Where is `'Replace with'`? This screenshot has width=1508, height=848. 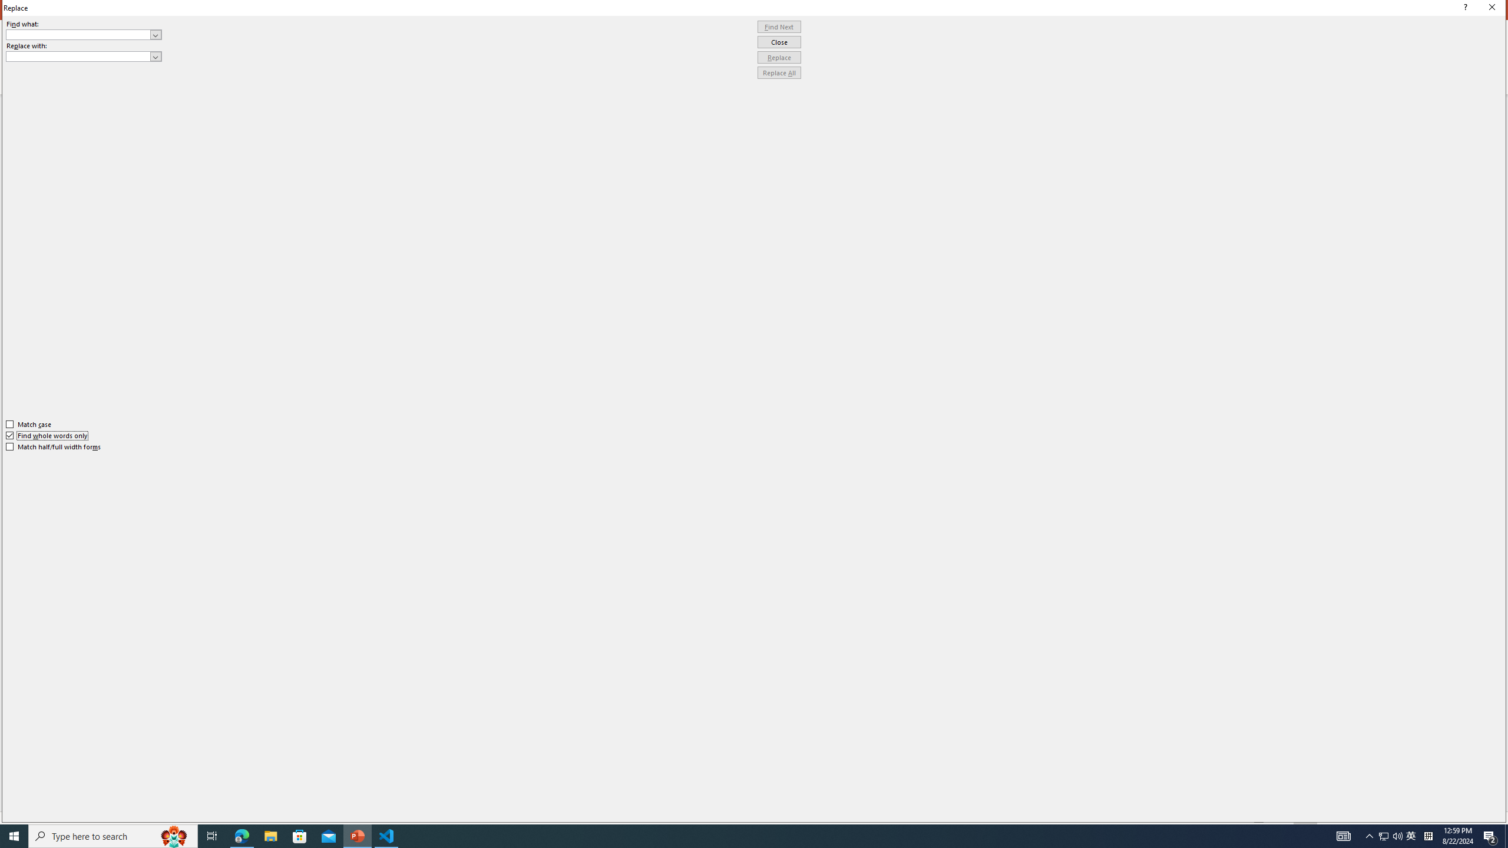 'Replace with' is located at coordinates (84, 56).